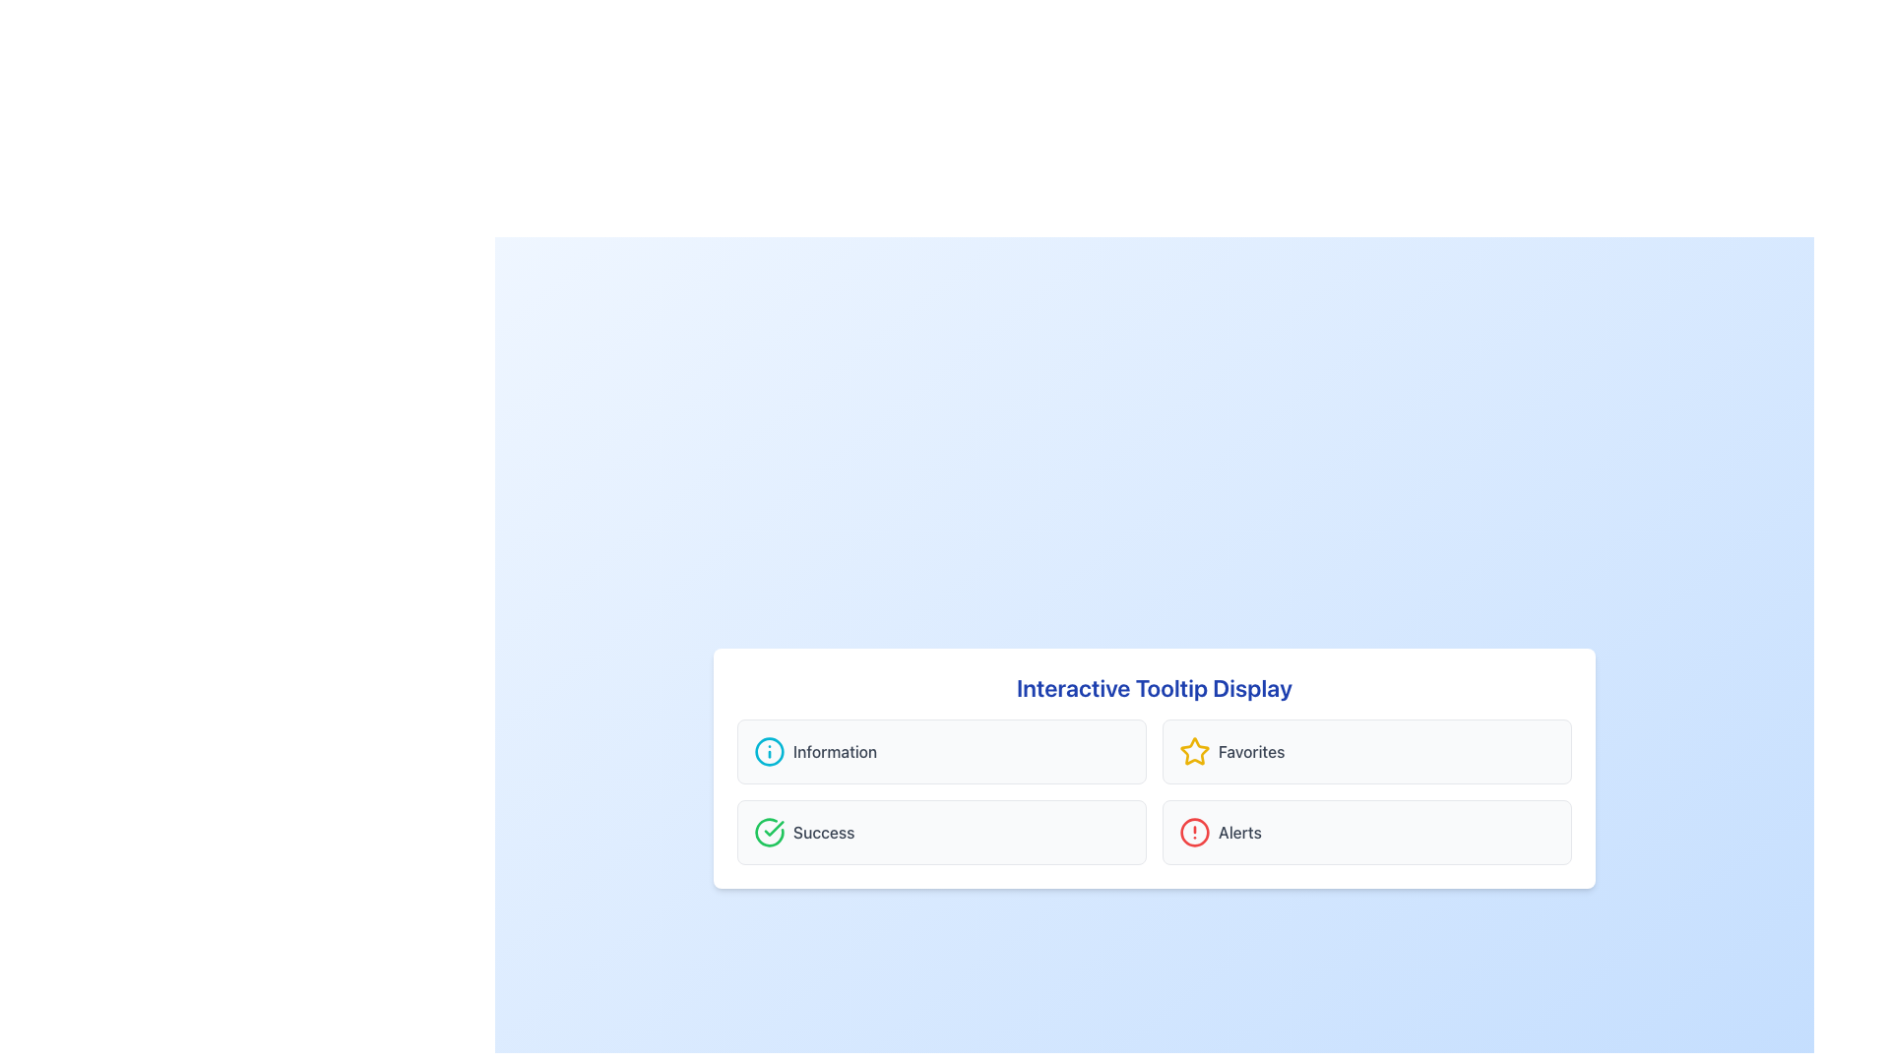 The width and height of the screenshot is (1890, 1063). What do you see at coordinates (940, 751) in the screenshot?
I see `the top-left card in the two-column grid layout` at bounding box center [940, 751].